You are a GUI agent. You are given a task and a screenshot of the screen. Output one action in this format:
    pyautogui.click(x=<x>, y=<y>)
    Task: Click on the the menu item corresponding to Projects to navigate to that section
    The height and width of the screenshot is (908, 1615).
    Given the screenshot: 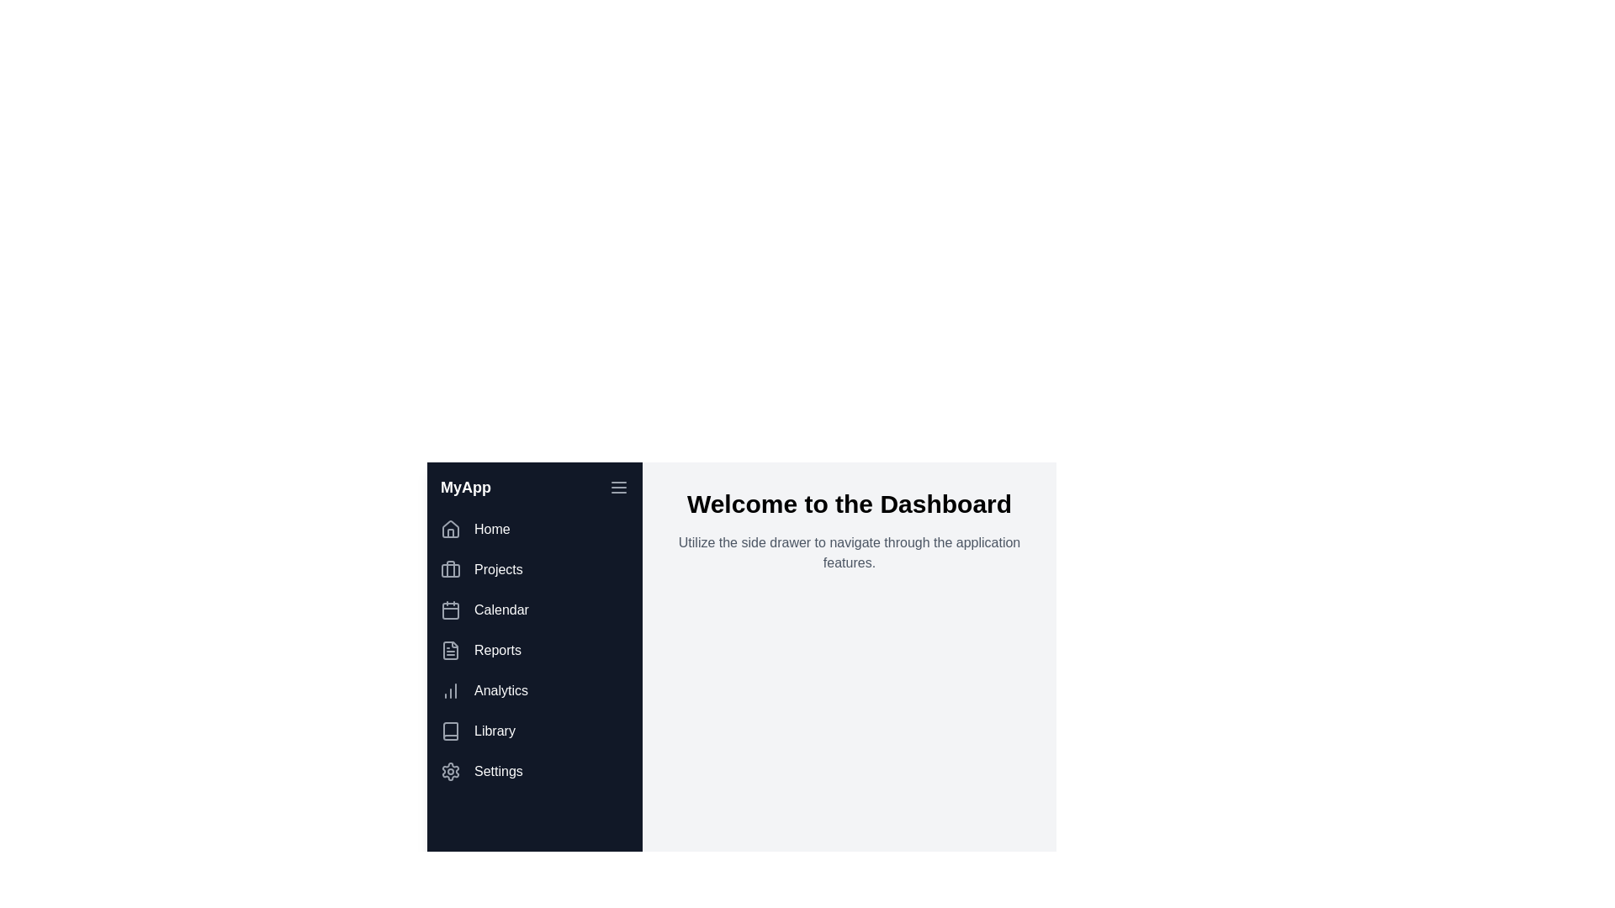 What is the action you would take?
    pyautogui.click(x=533, y=569)
    